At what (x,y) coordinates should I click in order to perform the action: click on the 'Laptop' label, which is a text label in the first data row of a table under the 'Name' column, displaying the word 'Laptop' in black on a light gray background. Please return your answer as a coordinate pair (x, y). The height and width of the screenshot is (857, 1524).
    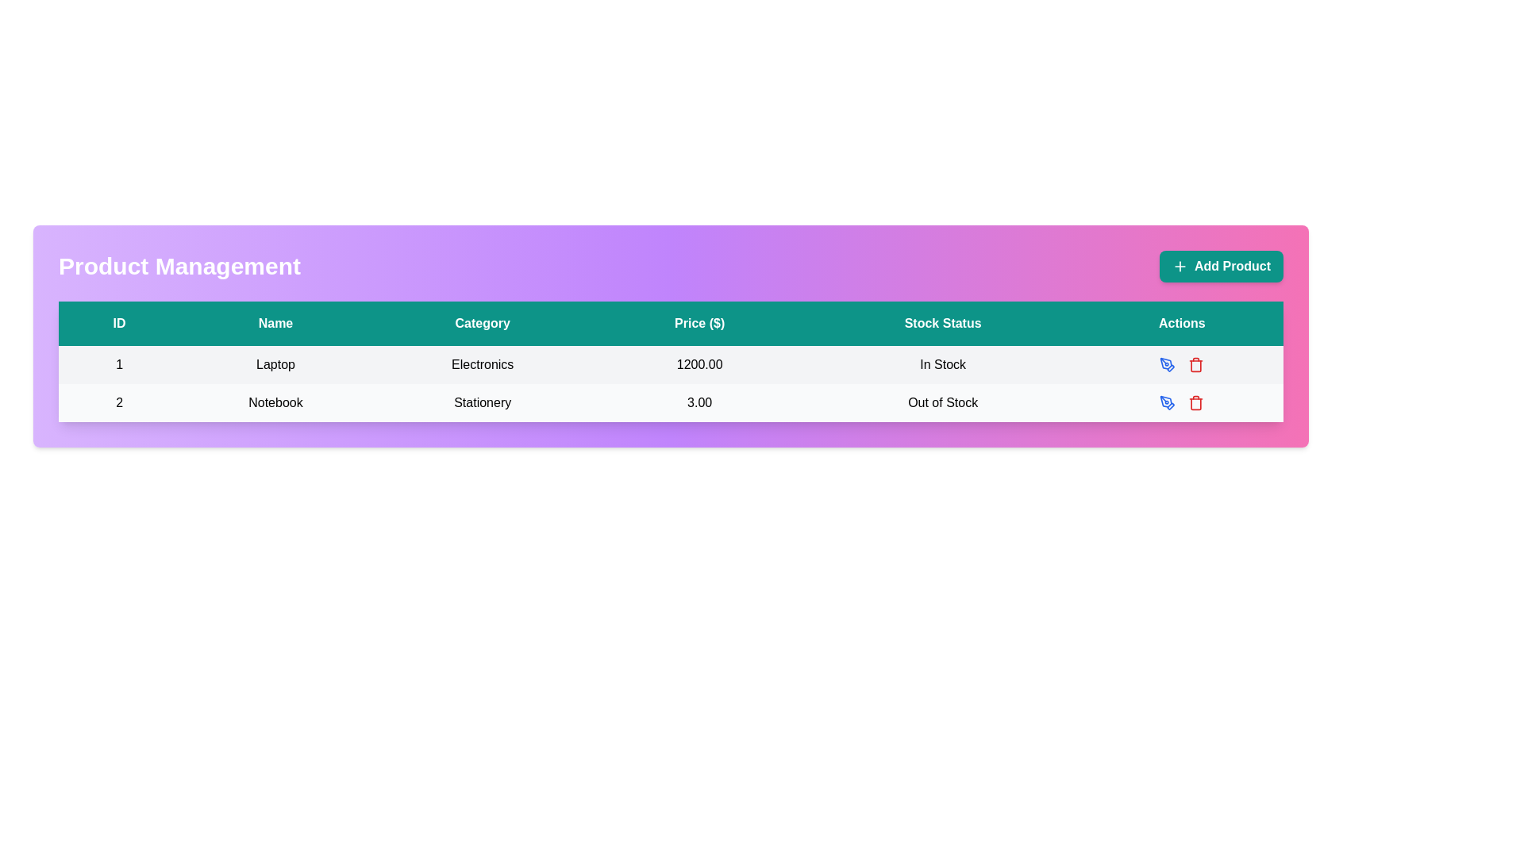
    Looking at the image, I should click on (275, 364).